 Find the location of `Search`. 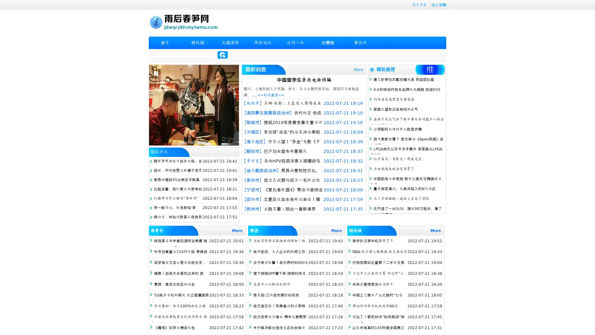

Search is located at coordinates (223, 55).